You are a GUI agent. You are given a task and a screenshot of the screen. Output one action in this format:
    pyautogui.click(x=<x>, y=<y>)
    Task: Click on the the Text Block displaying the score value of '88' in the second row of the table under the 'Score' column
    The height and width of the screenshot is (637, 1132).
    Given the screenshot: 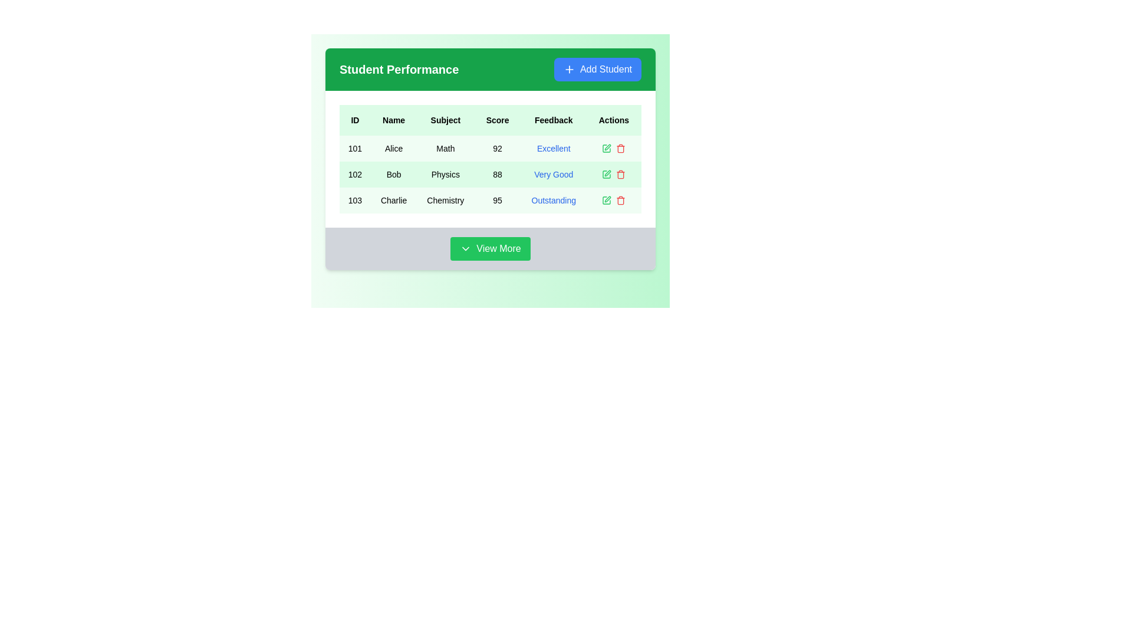 What is the action you would take?
    pyautogui.click(x=498, y=175)
    